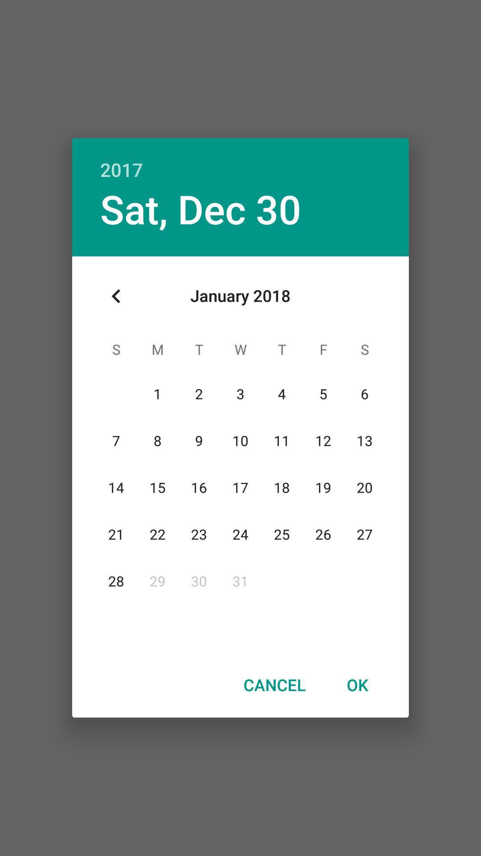 This screenshot has width=481, height=856. I want to click on the item next to ok item, so click(274, 684).